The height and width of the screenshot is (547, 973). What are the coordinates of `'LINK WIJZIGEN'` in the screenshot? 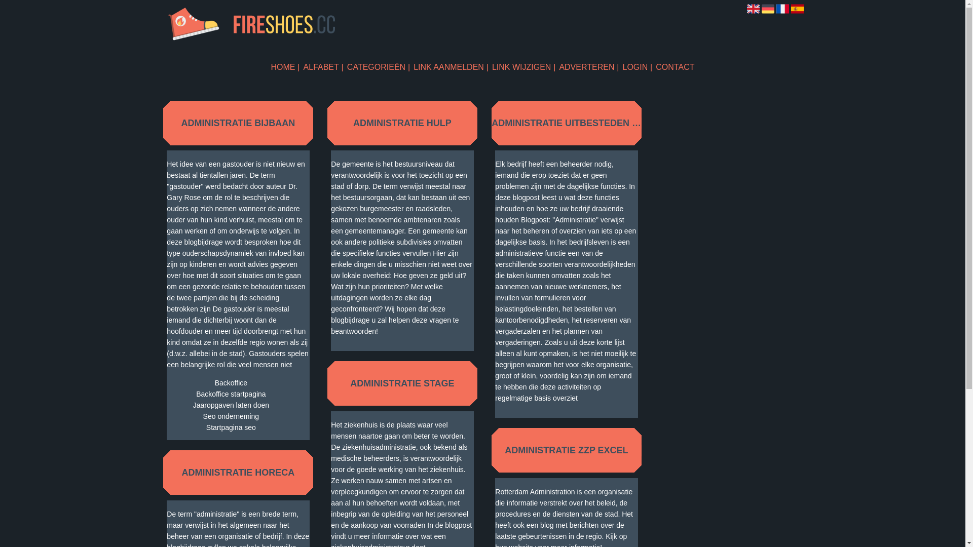 It's located at (523, 67).